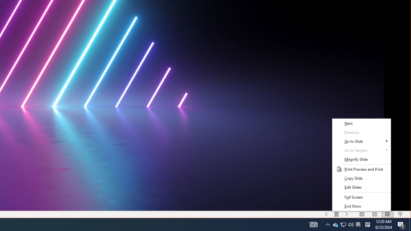 The height and width of the screenshot is (231, 411). What do you see at coordinates (361, 164) in the screenshot?
I see `'Class: NetUITWMenuContainer'` at bounding box center [361, 164].